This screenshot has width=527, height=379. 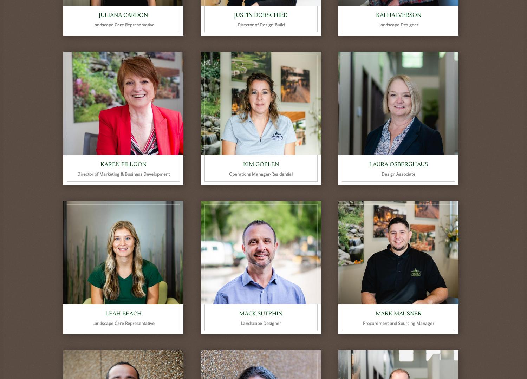 I want to click on 'Juliana Cardon', so click(x=98, y=15).